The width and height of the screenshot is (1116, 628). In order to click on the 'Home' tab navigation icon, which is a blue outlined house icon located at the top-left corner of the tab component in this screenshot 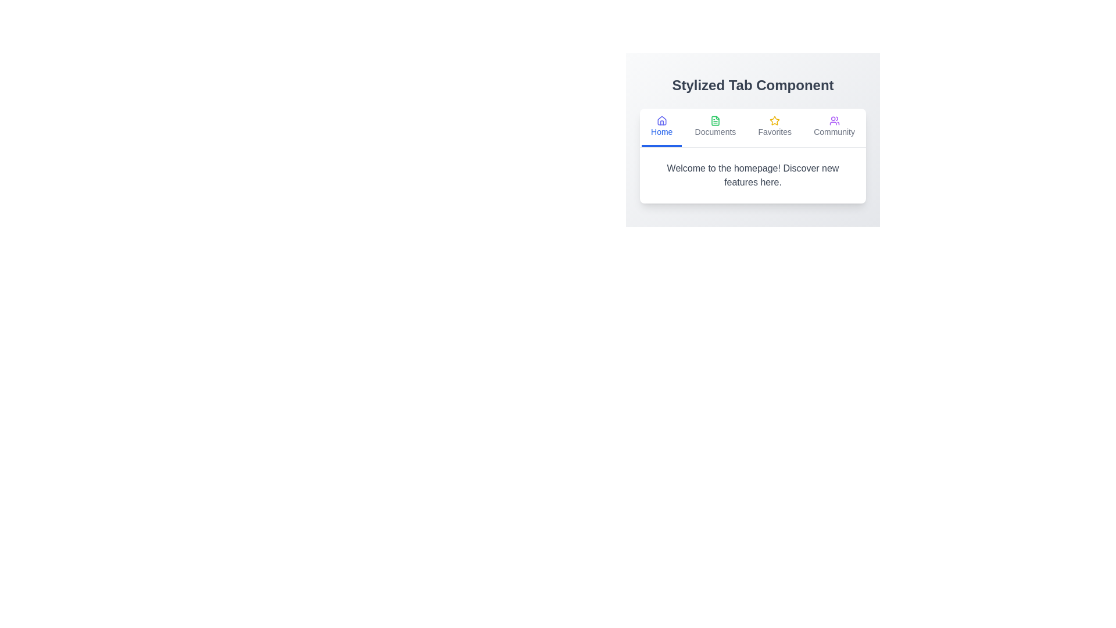, I will do `click(661, 121)`.